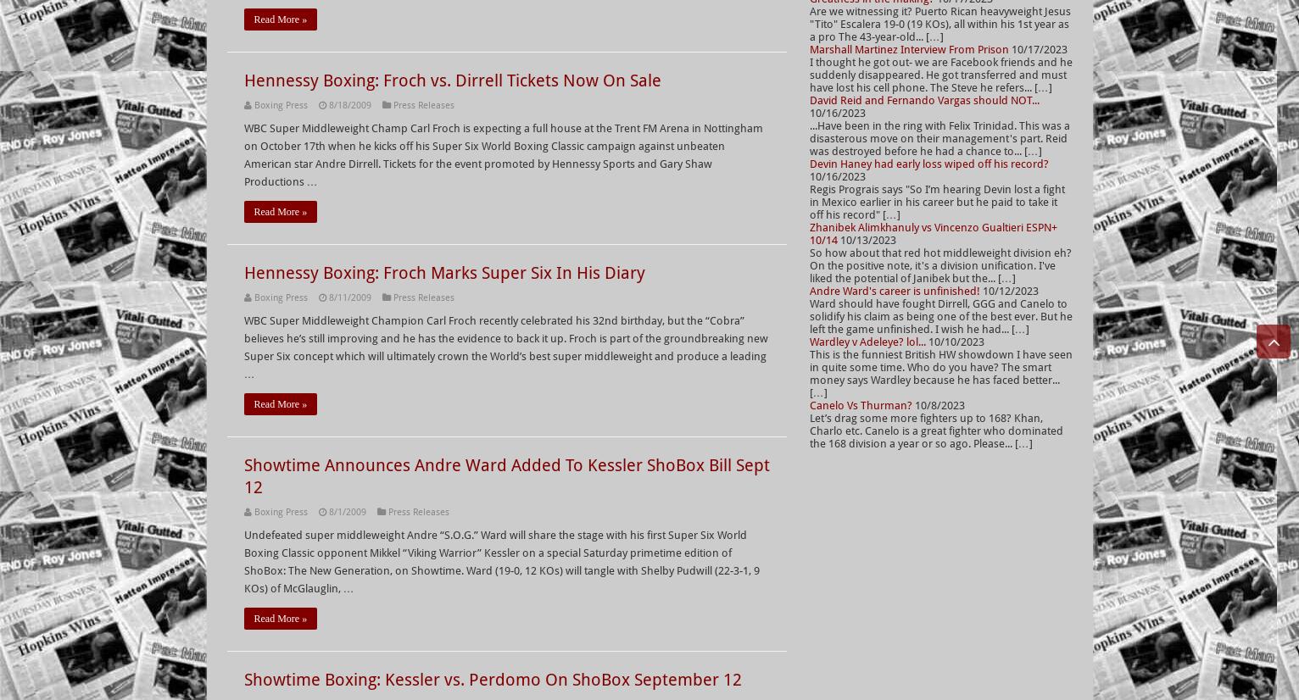 This screenshot has height=700, width=1299. Describe the element at coordinates (1009, 290) in the screenshot. I see `'10/12/2023'` at that location.